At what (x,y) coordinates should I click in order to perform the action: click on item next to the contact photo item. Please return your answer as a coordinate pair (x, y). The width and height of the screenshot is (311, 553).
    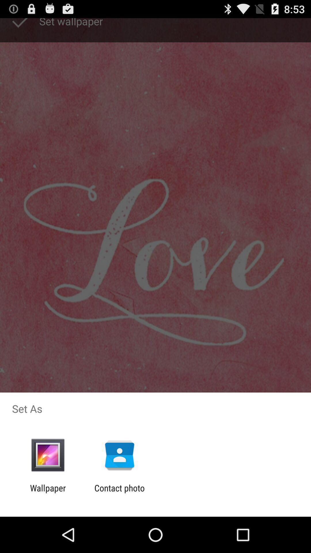
    Looking at the image, I should click on (48, 493).